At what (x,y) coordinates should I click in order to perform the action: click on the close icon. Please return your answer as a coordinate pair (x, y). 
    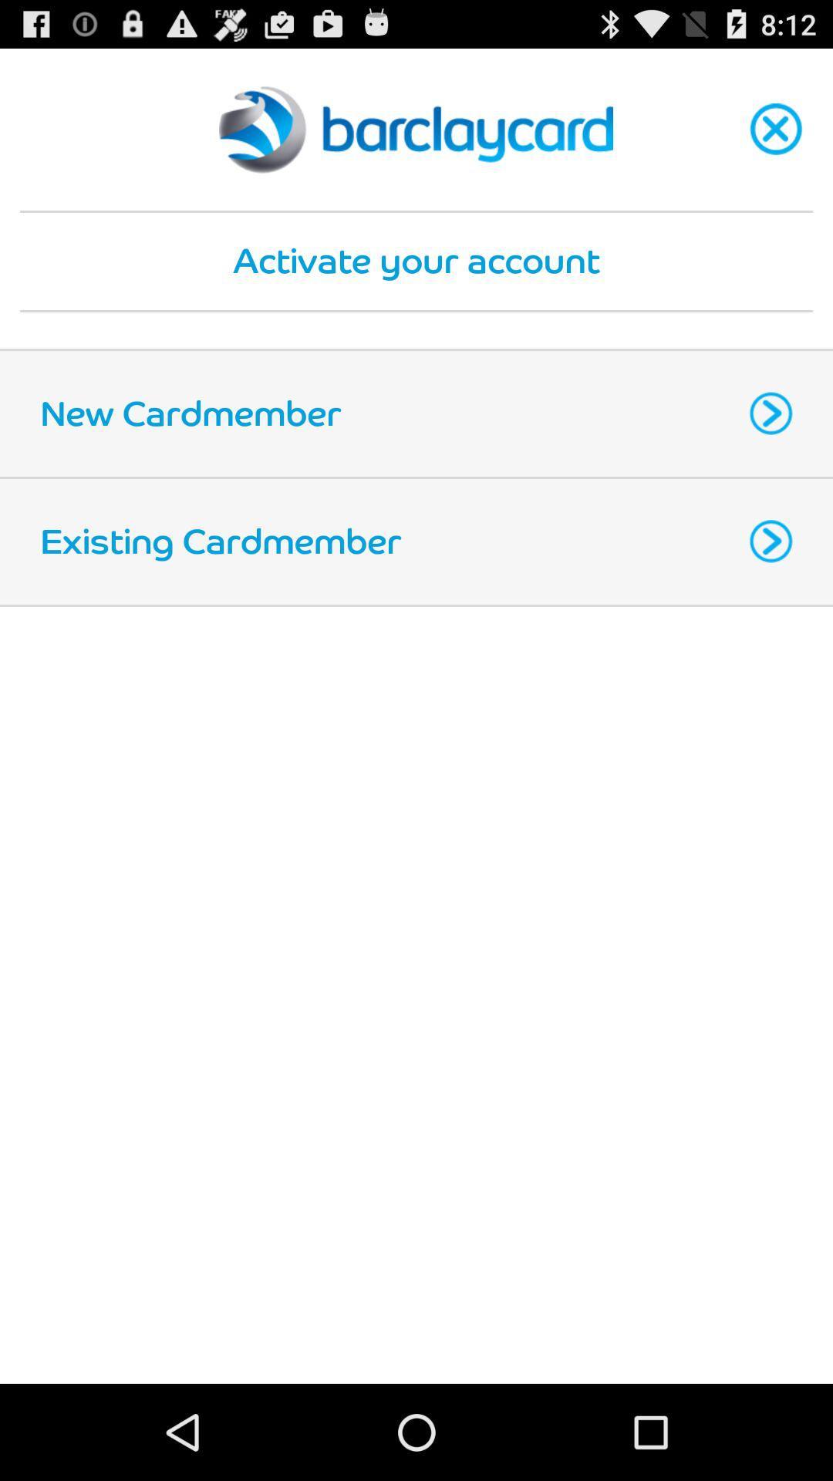
    Looking at the image, I should click on (776, 138).